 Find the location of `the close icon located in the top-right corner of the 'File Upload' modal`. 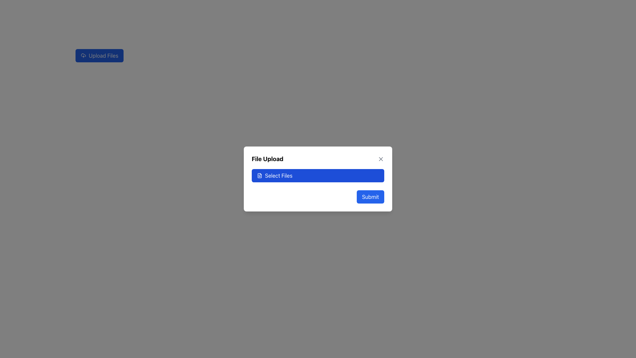

the close icon located in the top-right corner of the 'File Upload' modal is located at coordinates (381, 159).